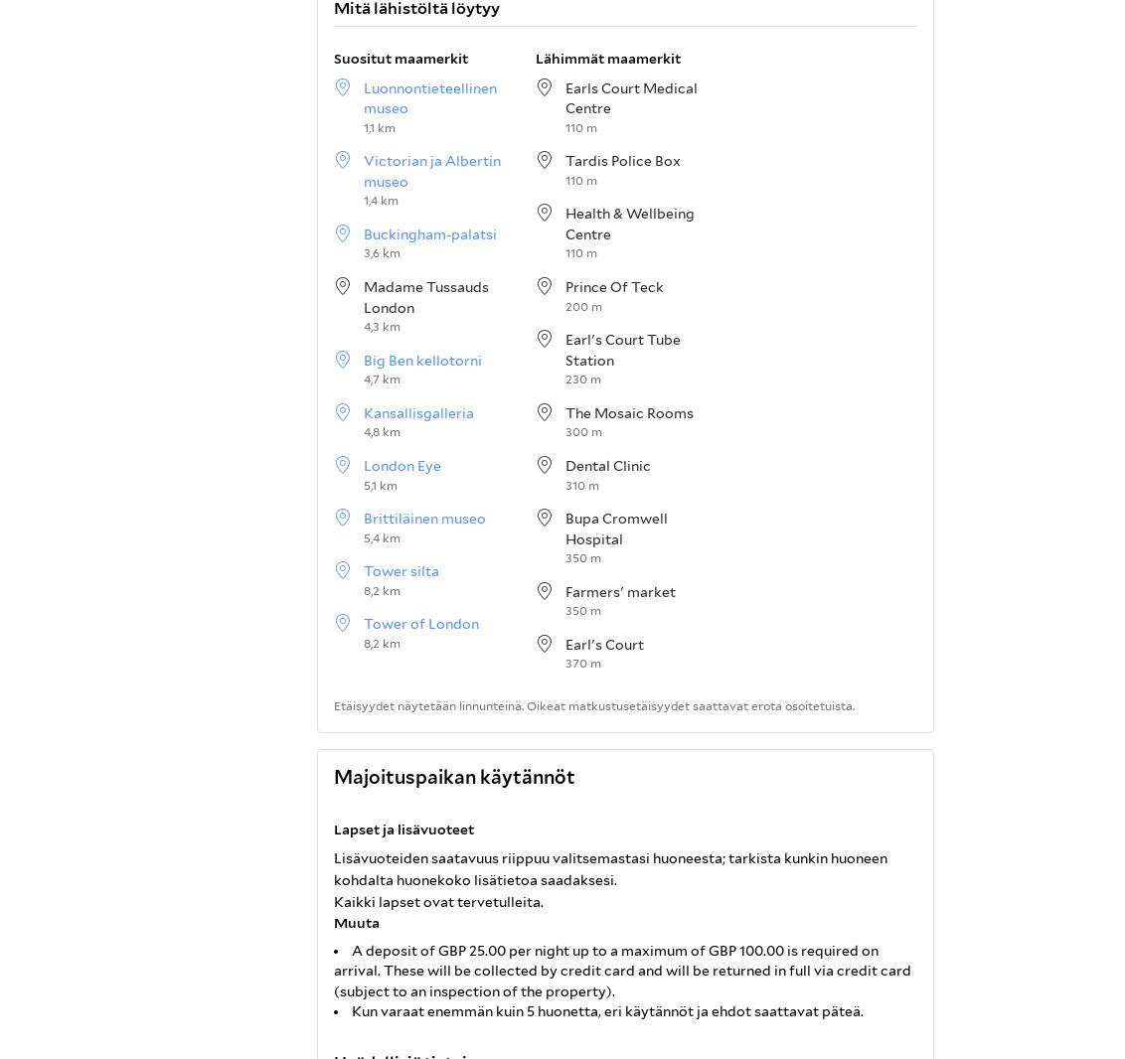 Image resolution: width=1125 pixels, height=1059 pixels. Describe the element at coordinates (380, 431) in the screenshot. I see `'4,8 km'` at that location.